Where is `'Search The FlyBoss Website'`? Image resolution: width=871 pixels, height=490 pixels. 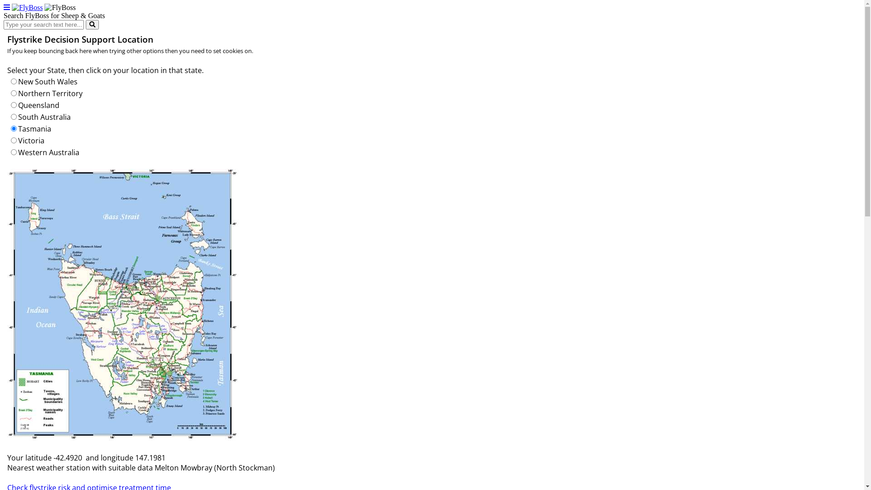 'Search The FlyBoss Website' is located at coordinates (92, 24).